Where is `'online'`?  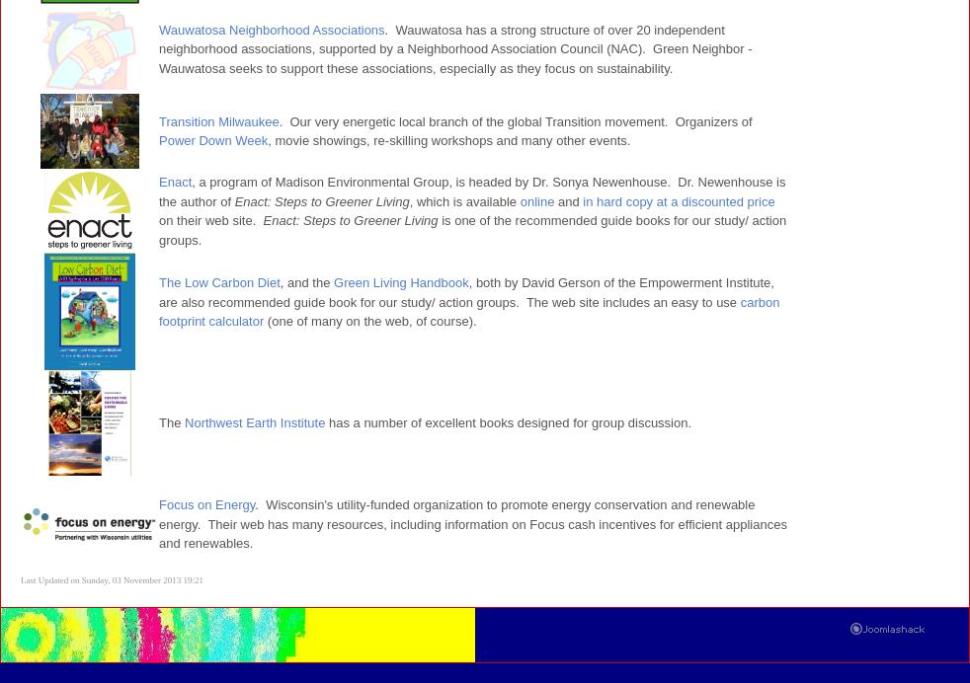
'online' is located at coordinates (518, 200).